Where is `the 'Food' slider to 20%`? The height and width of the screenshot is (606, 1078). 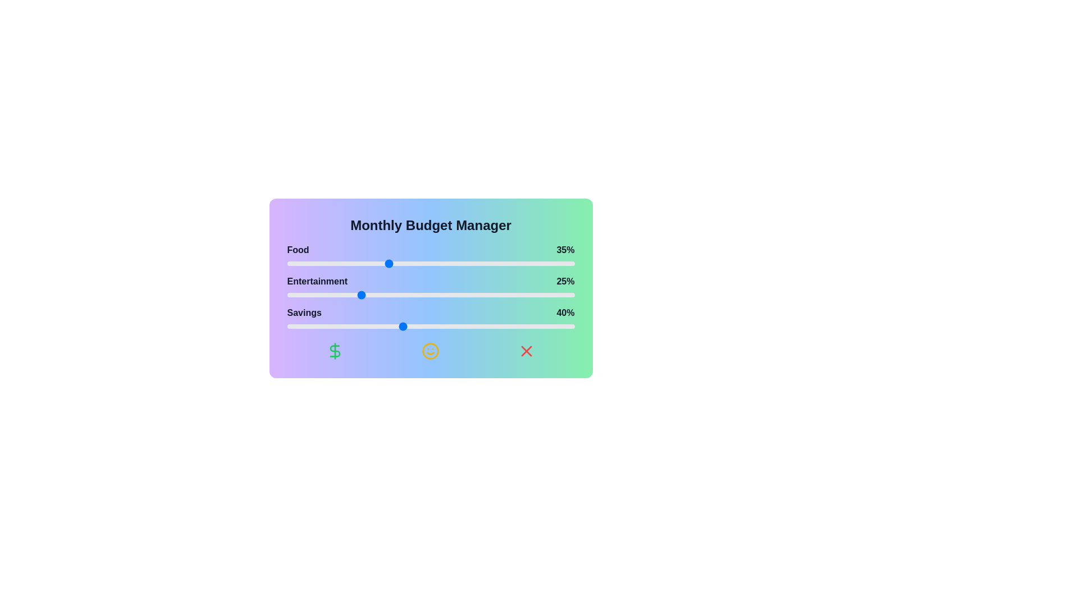
the 'Food' slider to 20% is located at coordinates (344, 264).